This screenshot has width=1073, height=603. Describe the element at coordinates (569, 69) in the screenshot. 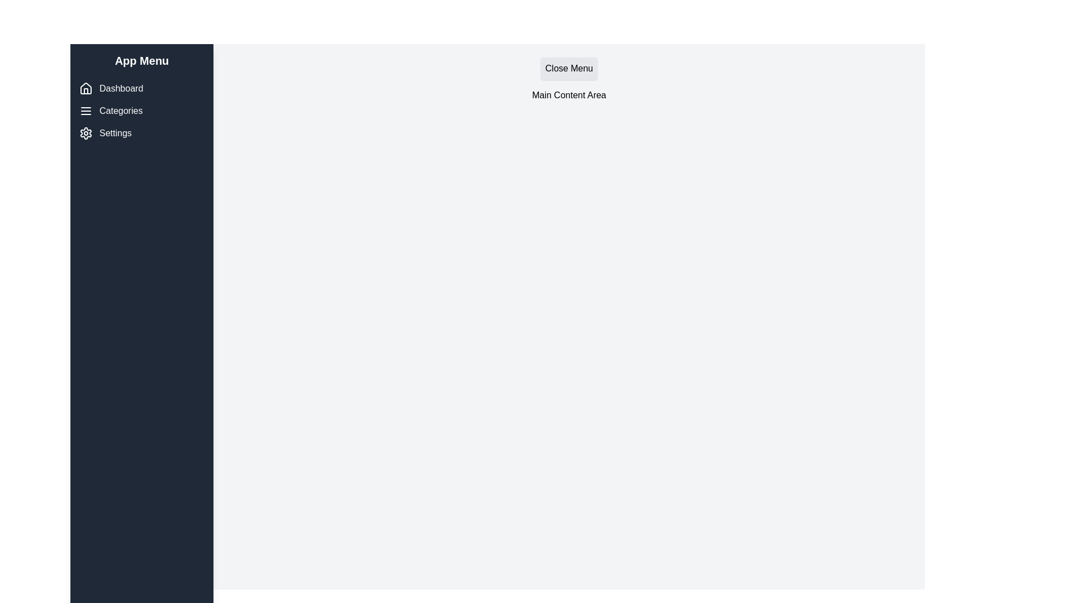

I see `the 'Close Menu' button to toggle the drawer` at that location.